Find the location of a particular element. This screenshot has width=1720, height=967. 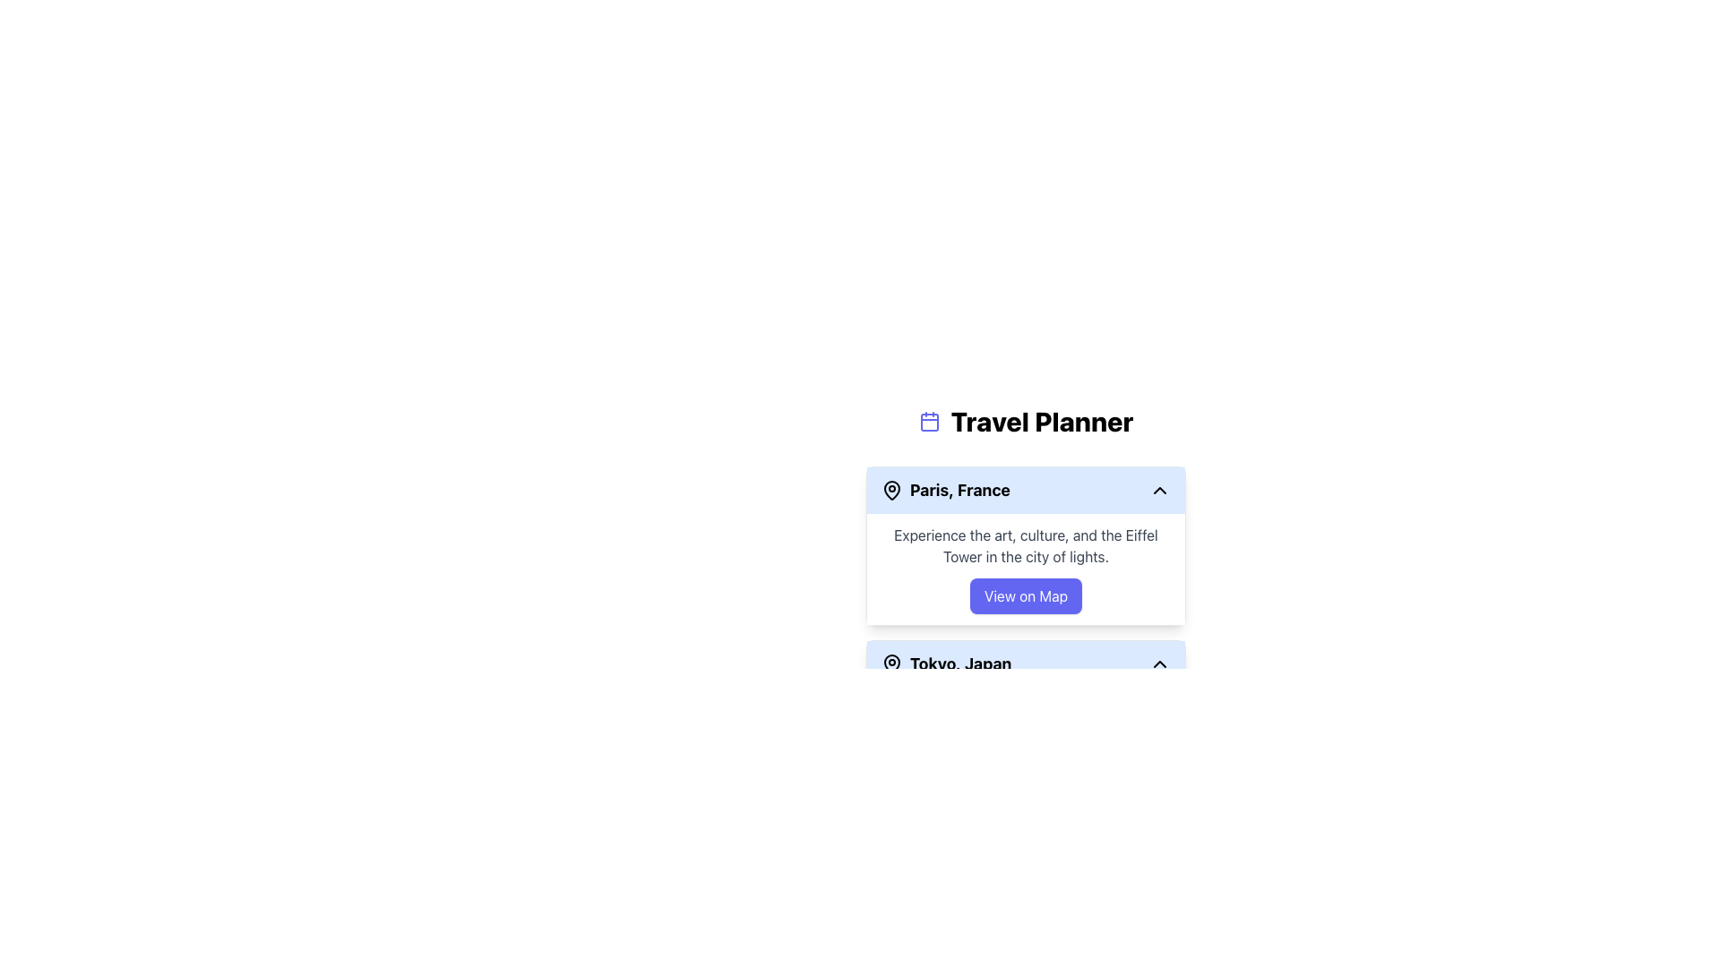

the Header with Icon, which serves as the title for the travel planning section is located at coordinates (1026, 421).